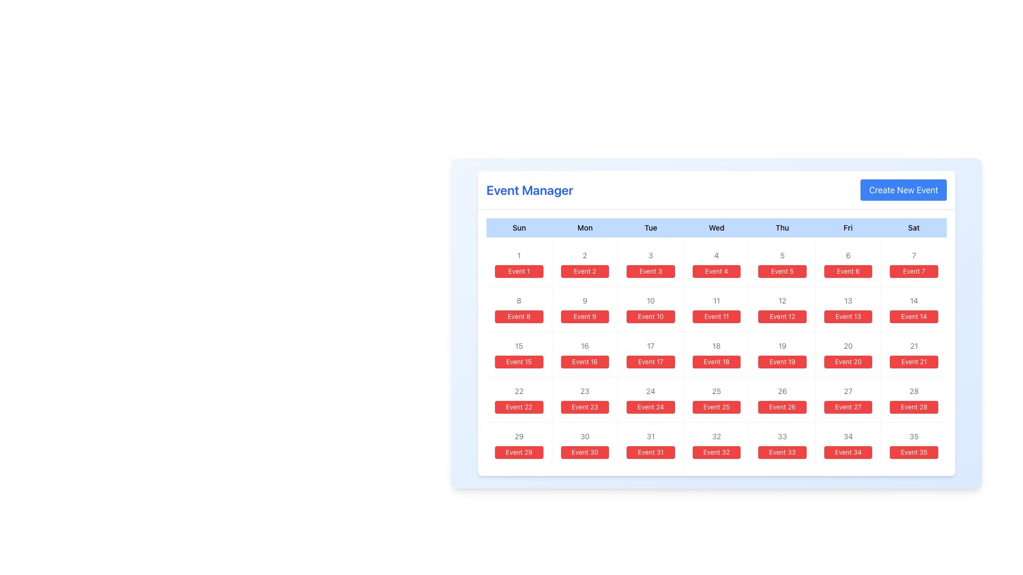 This screenshot has width=1023, height=575. Describe the element at coordinates (848, 346) in the screenshot. I see `the Text label indicating the numeric identifier '20' for the associated event, located above the red button labeled 'Event 20' within the calendar grid under column 'Fri' and row '4'` at that location.